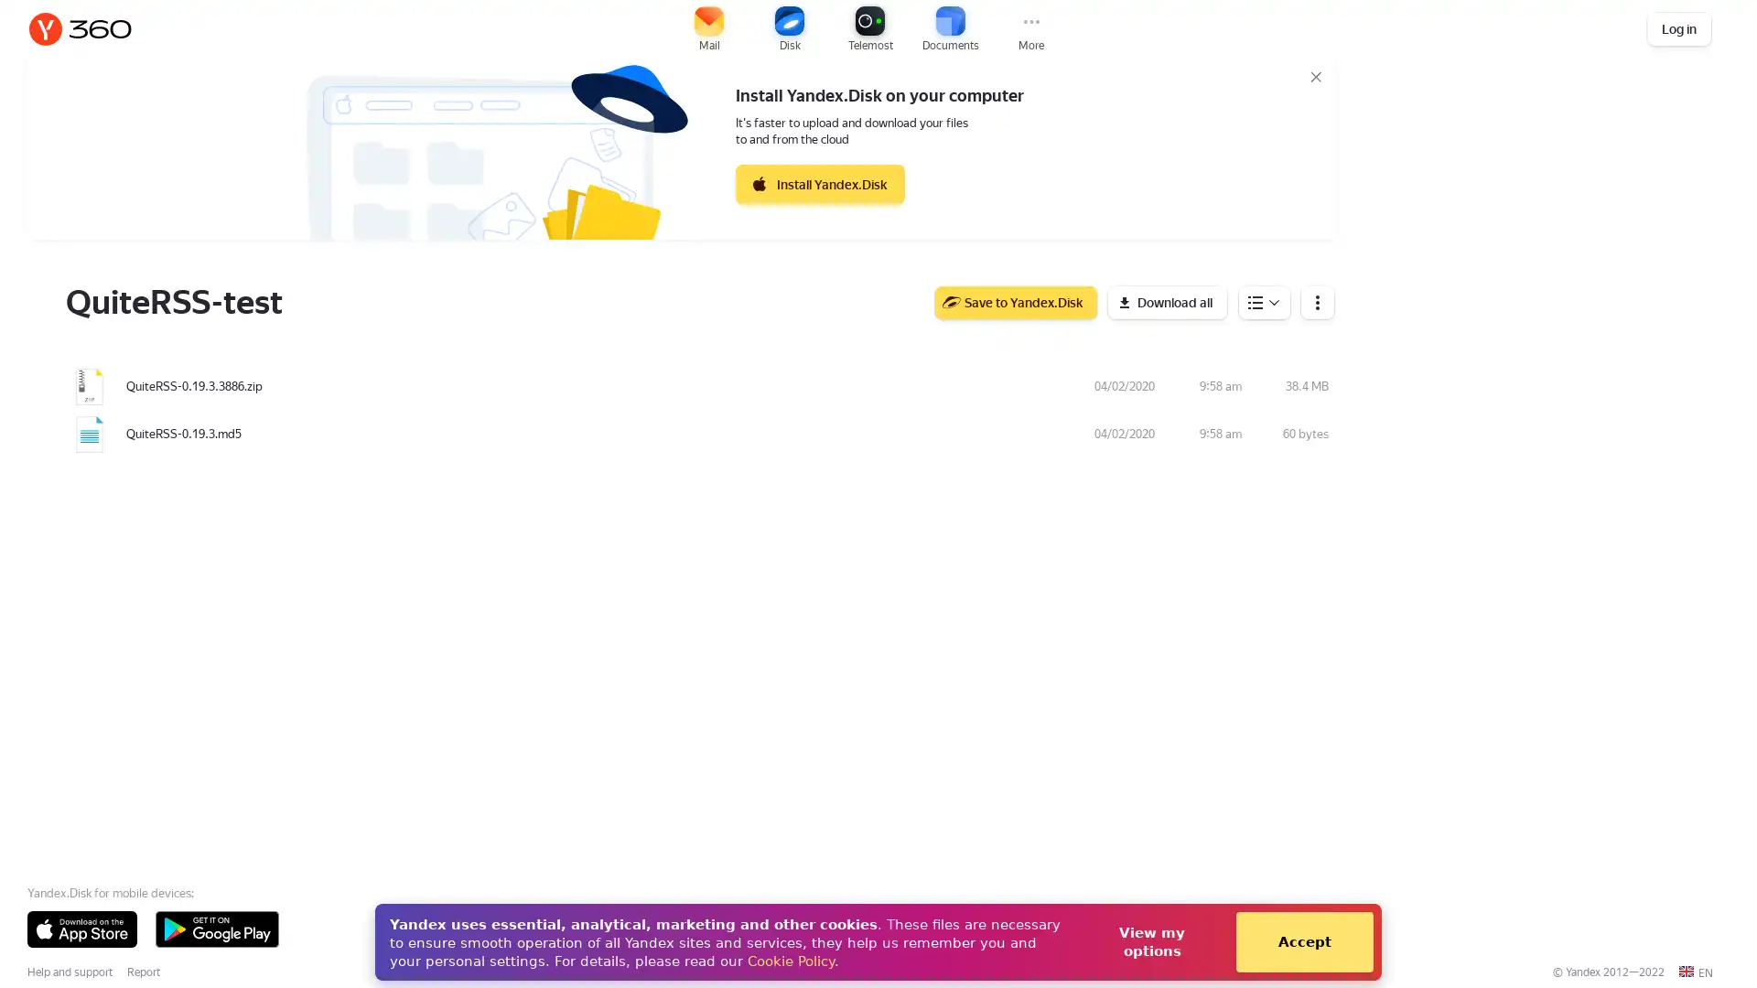  What do you see at coordinates (1150, 941) in the screenshot?
I see `View my options` at bounding box center [1150, 941].